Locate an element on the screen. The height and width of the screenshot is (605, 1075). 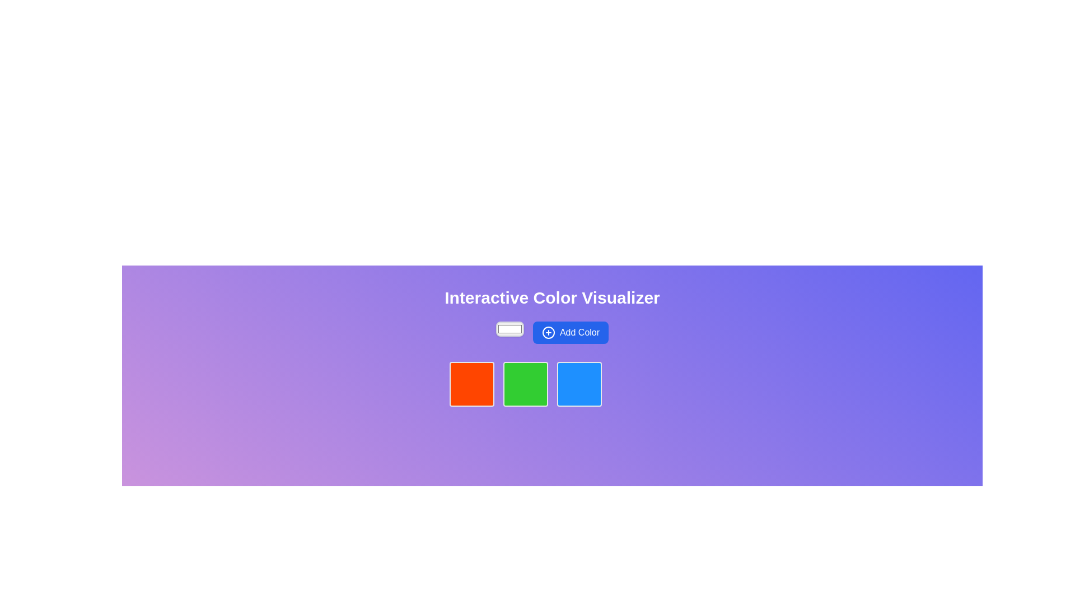
the interactive color component that visually displays a blue color, which is the third square in a row of four squares, located beneath the 'Add Color' button and the input field to observe its hover effect is located at coordinates (579, 384).